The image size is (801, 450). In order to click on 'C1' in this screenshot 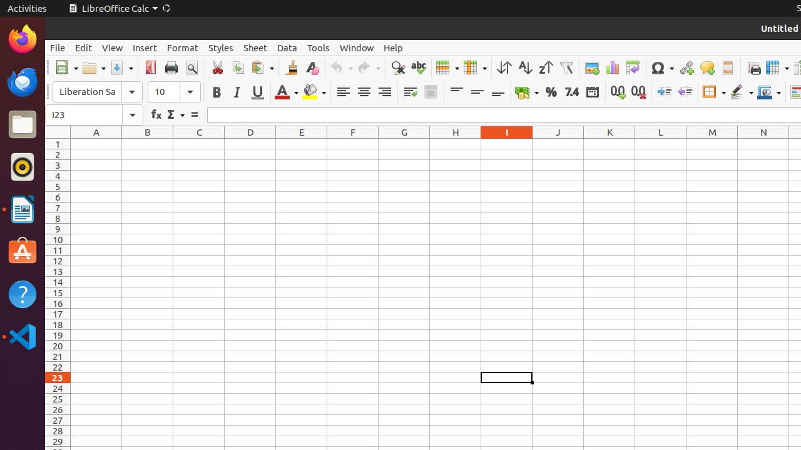, I will do `click(198, 143)`.